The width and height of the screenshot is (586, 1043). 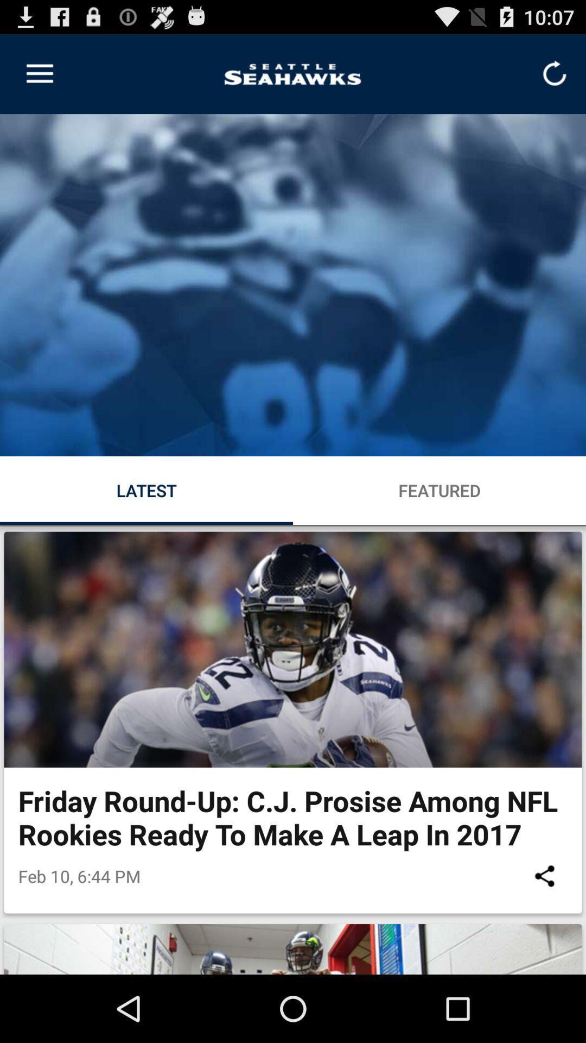 I want to click on item next to the feb 10 6, so click(x=544, y=876).